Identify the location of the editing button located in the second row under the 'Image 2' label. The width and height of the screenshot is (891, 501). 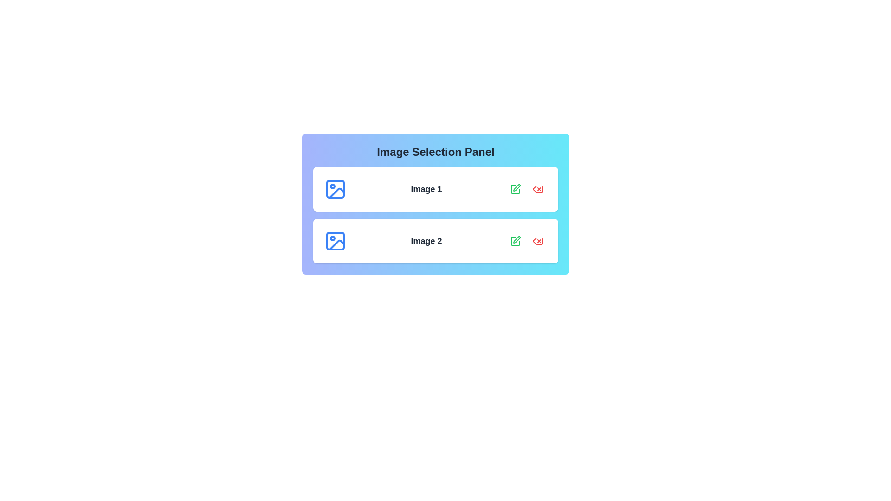
(515, 241).